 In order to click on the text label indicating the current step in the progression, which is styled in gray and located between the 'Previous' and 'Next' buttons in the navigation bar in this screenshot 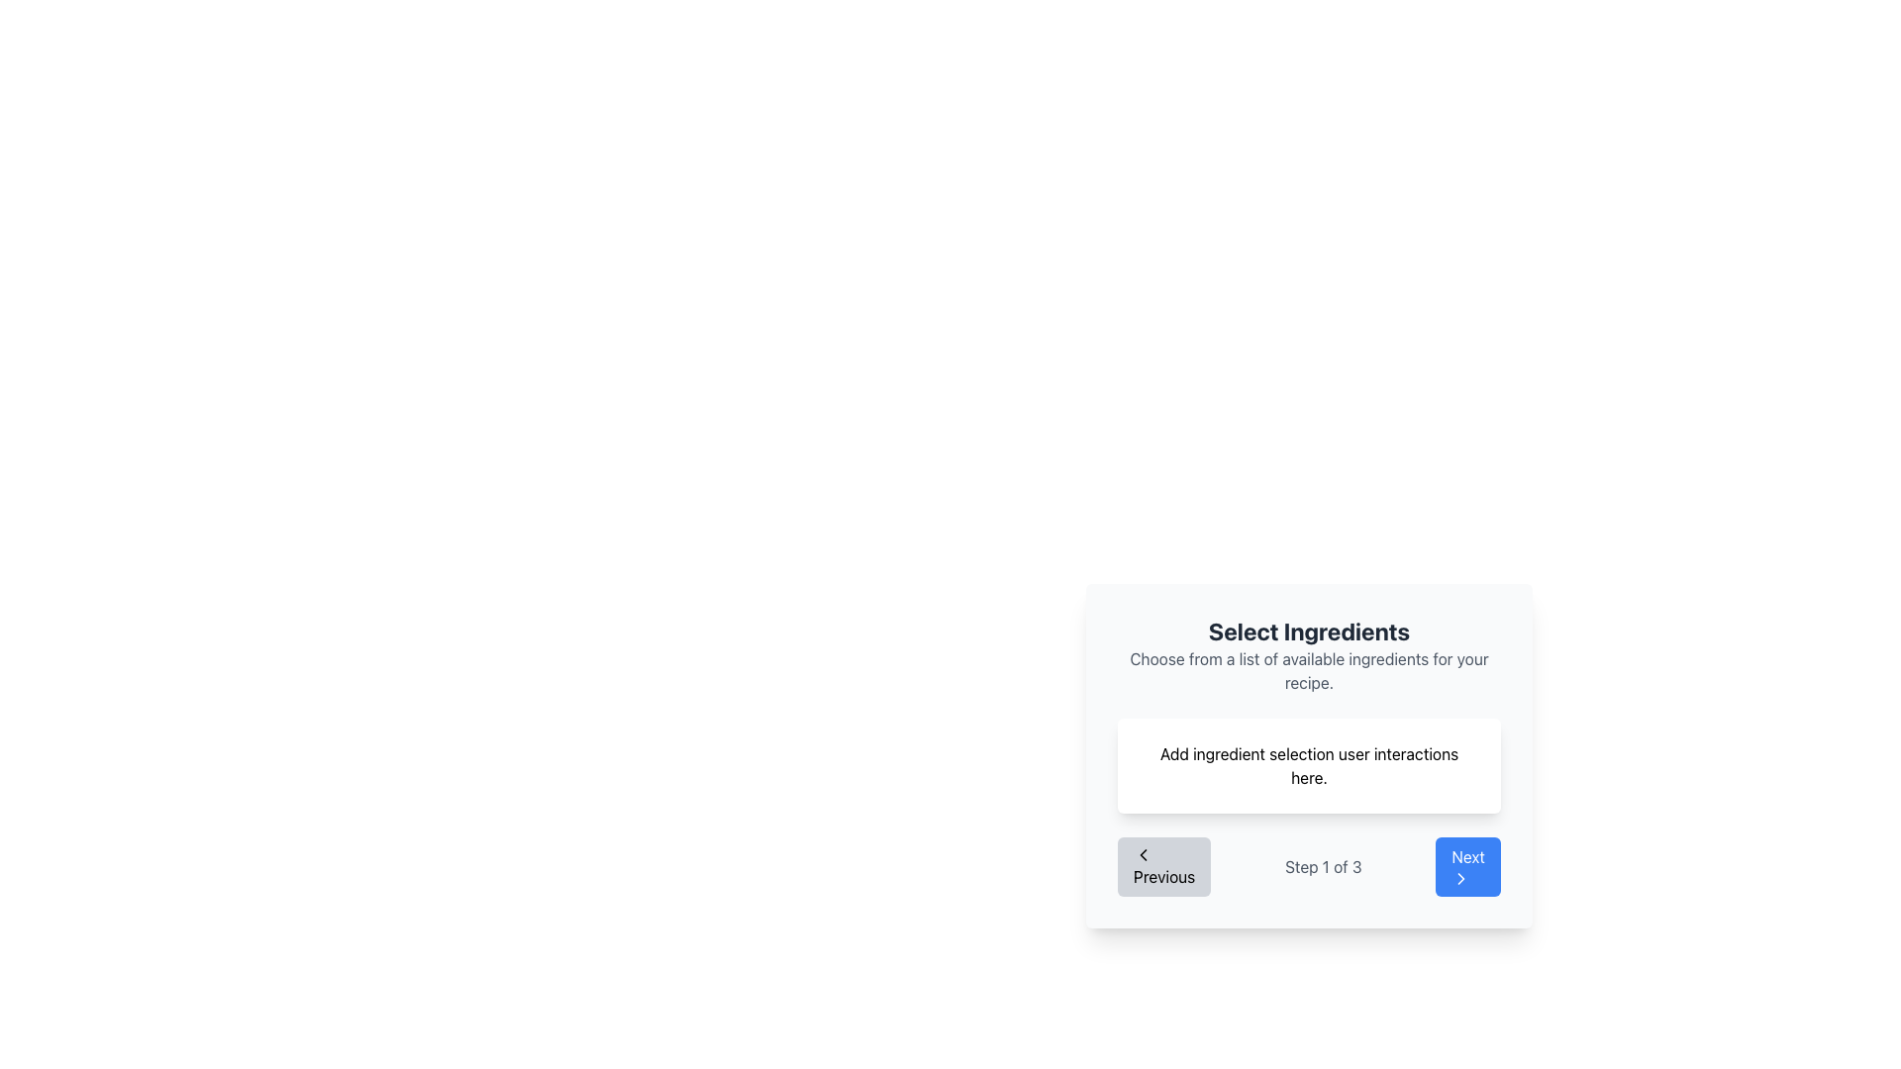, I will do `click(1323, 865)`.